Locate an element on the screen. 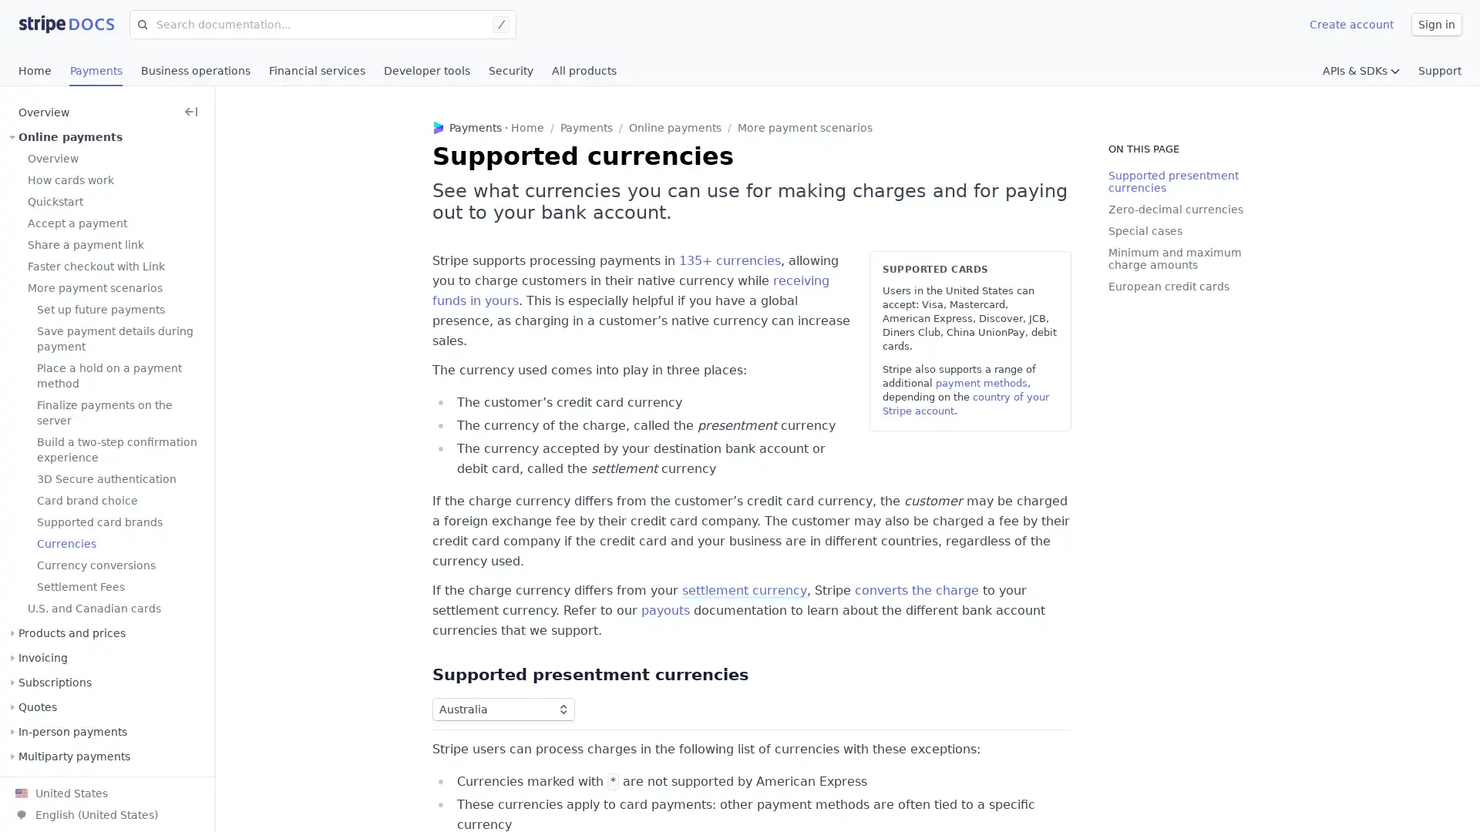 The width and height of the screenshot is (1480, 832). Online payments is located at coordinates (69, 136).